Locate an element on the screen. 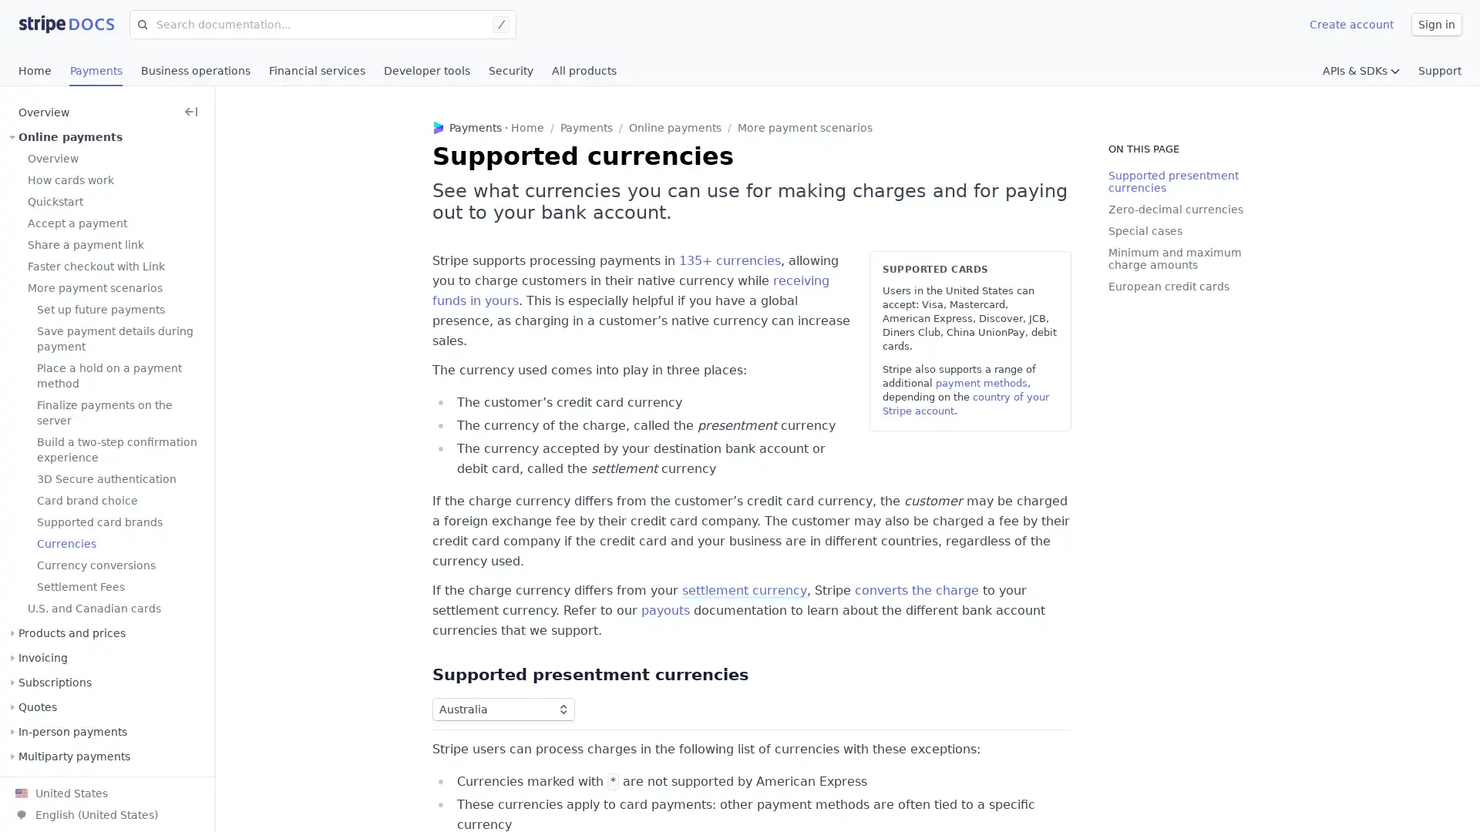 The width and height of the screenshot is (1480, 832). Online payments is located at coordinates (69, 136).